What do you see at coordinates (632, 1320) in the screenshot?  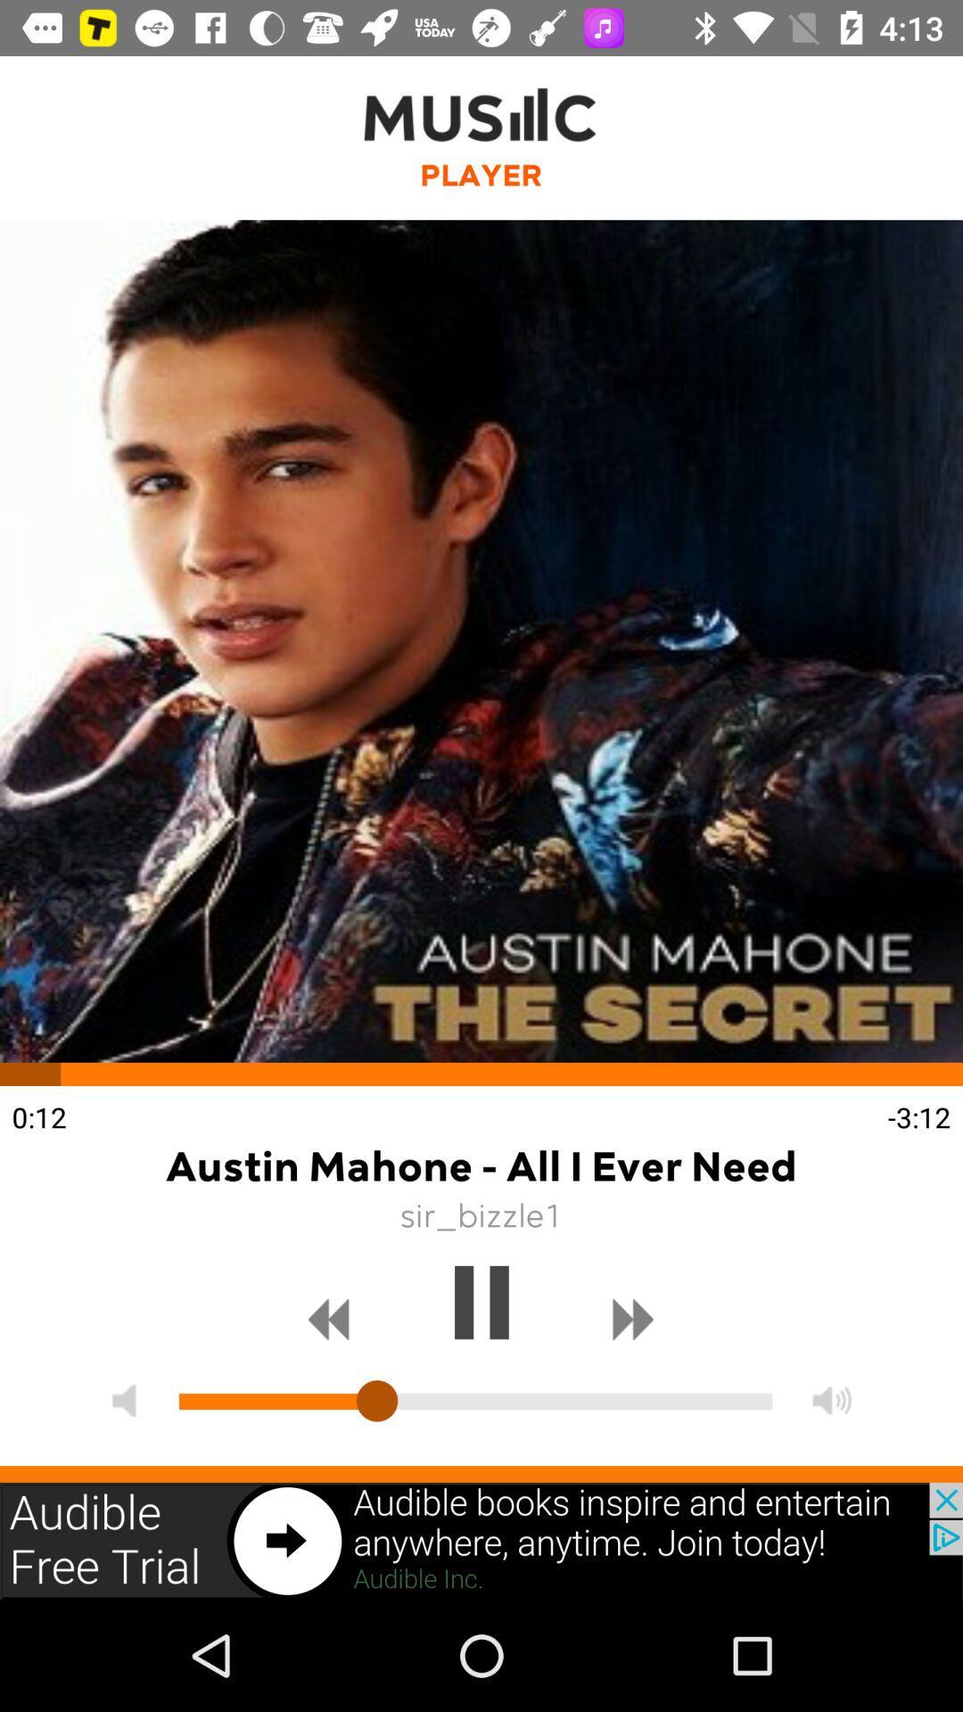 I see `skip forward` at bounding box center [632, 1320].